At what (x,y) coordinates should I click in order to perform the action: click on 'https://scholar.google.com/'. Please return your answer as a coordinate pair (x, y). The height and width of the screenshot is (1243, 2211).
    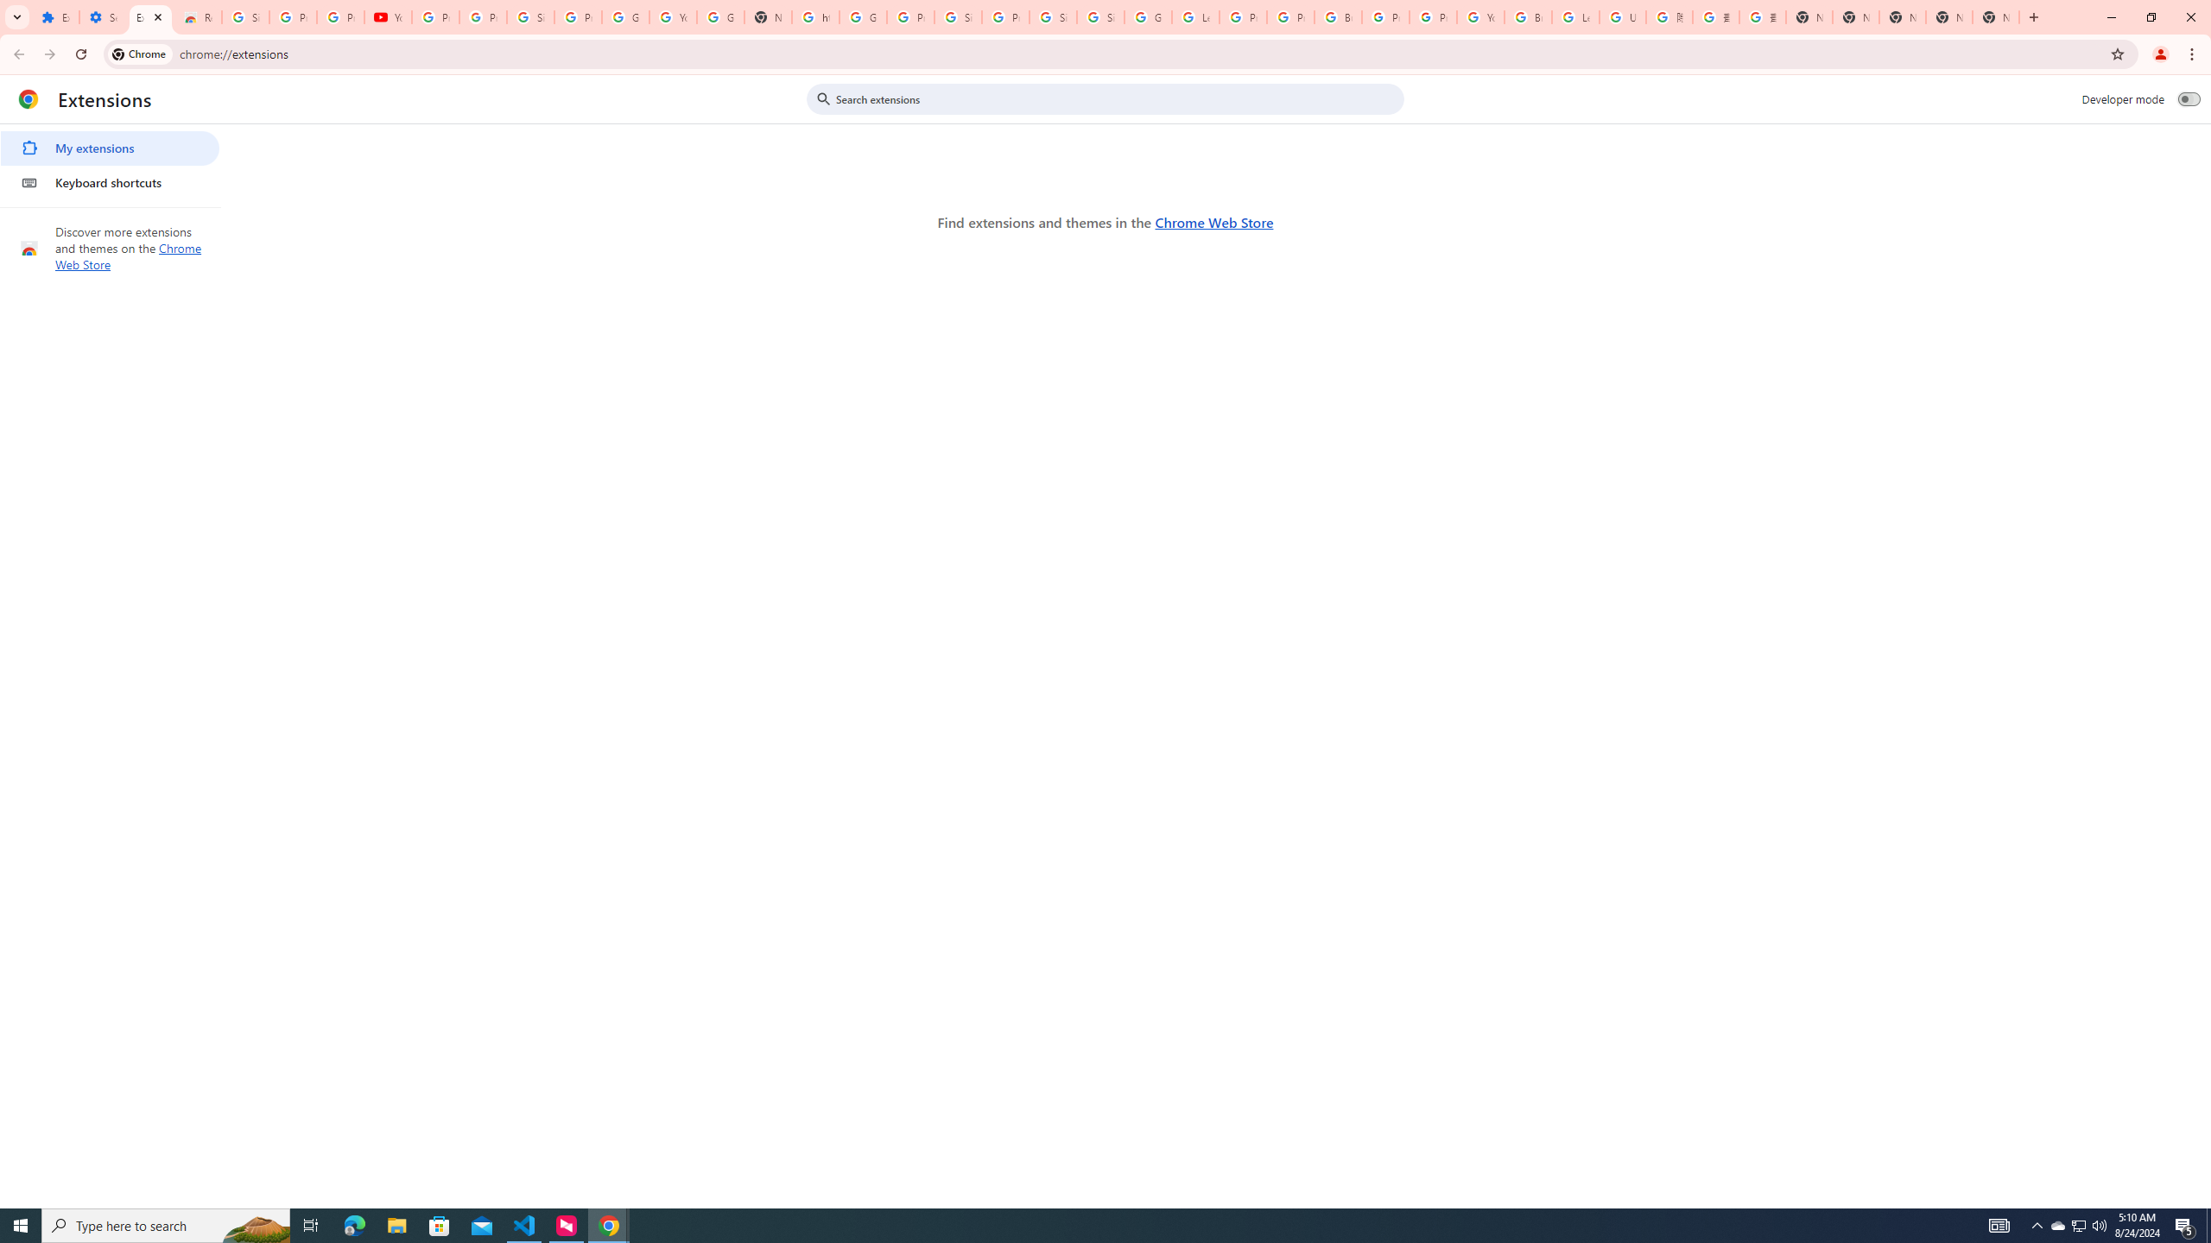
    Looking at the image, I should click on (814, 16).